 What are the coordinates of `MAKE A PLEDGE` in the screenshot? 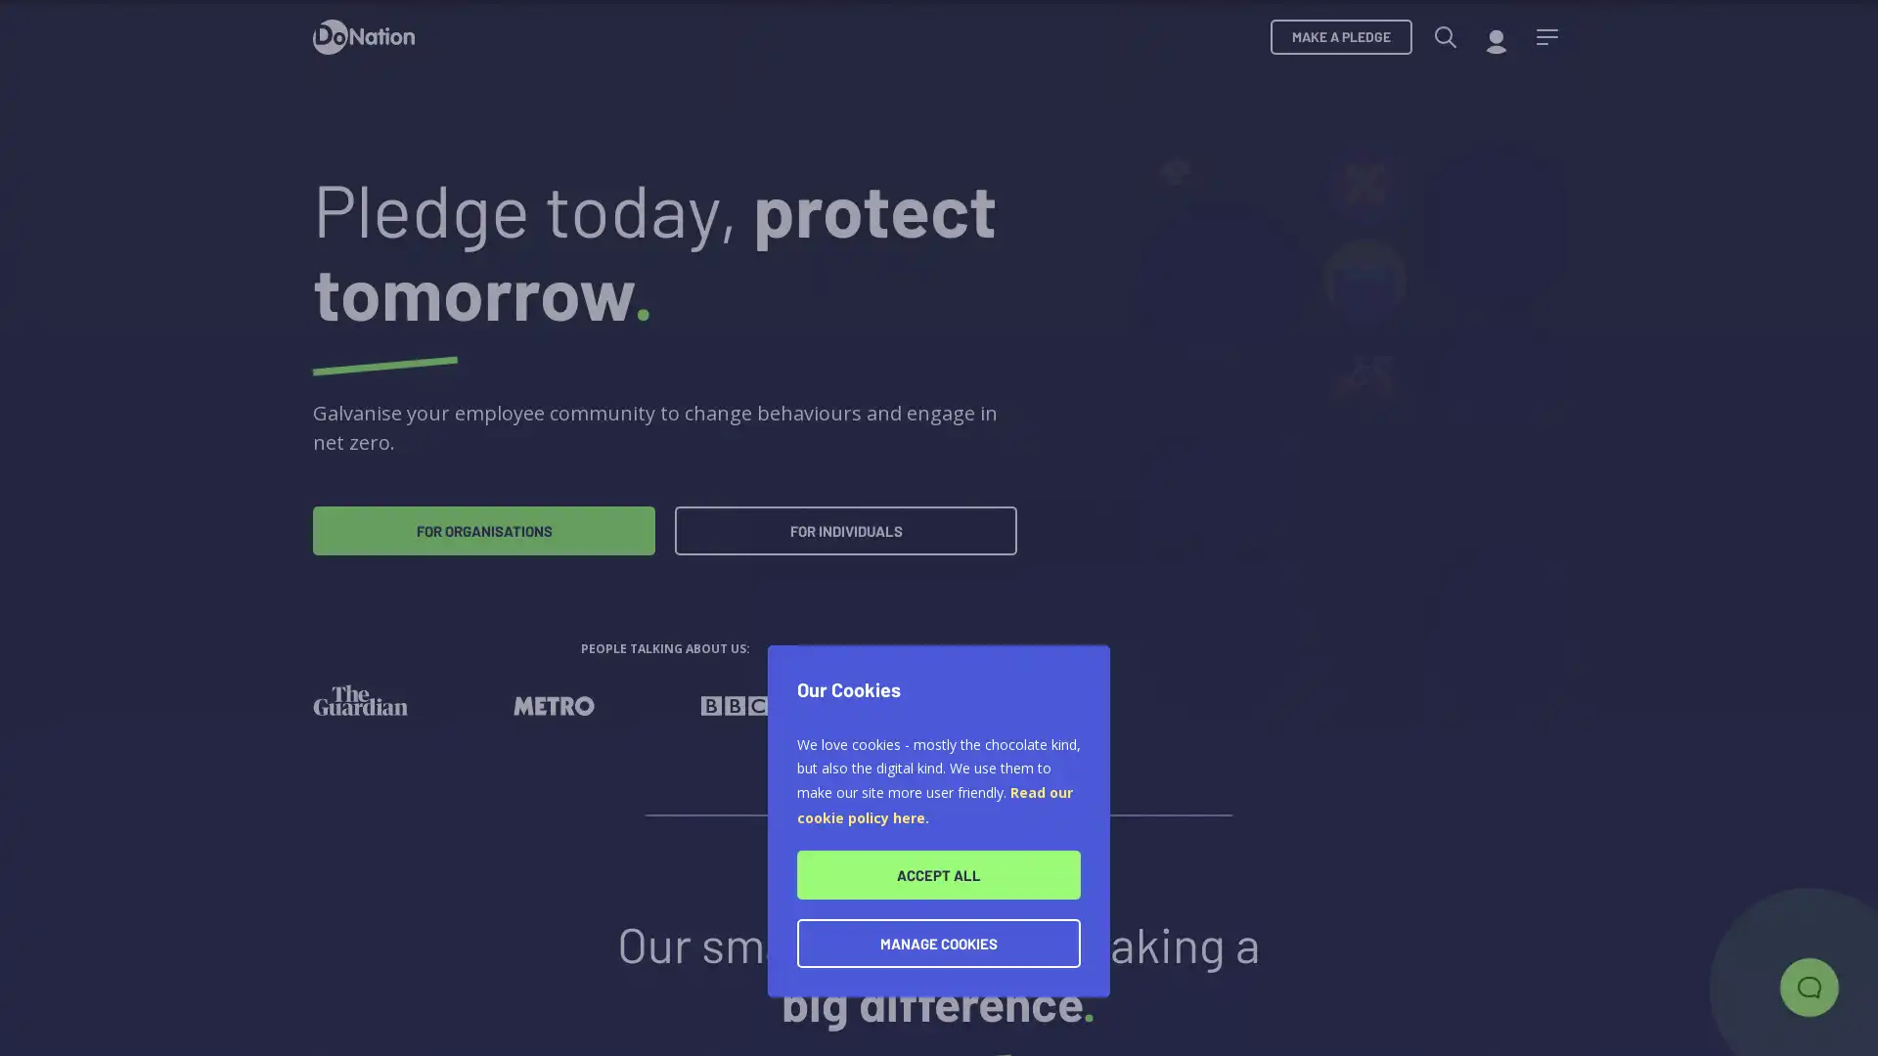 It's located at (1340, 37).